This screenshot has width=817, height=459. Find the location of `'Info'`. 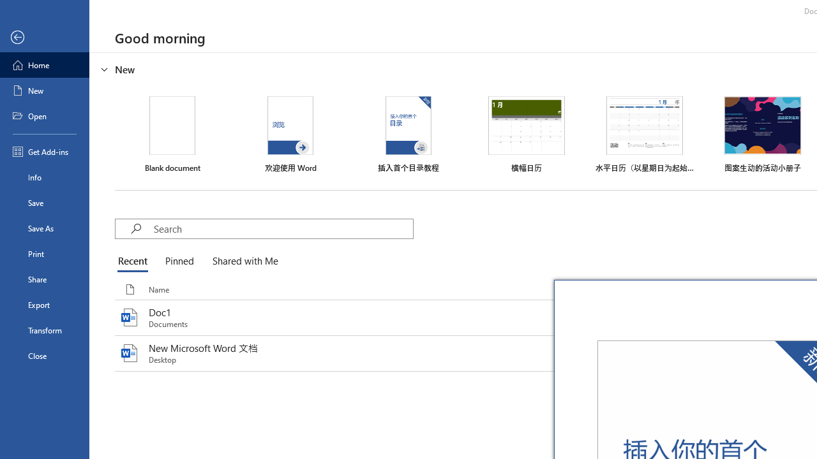

'Info' is located at coordinates (44, 177).